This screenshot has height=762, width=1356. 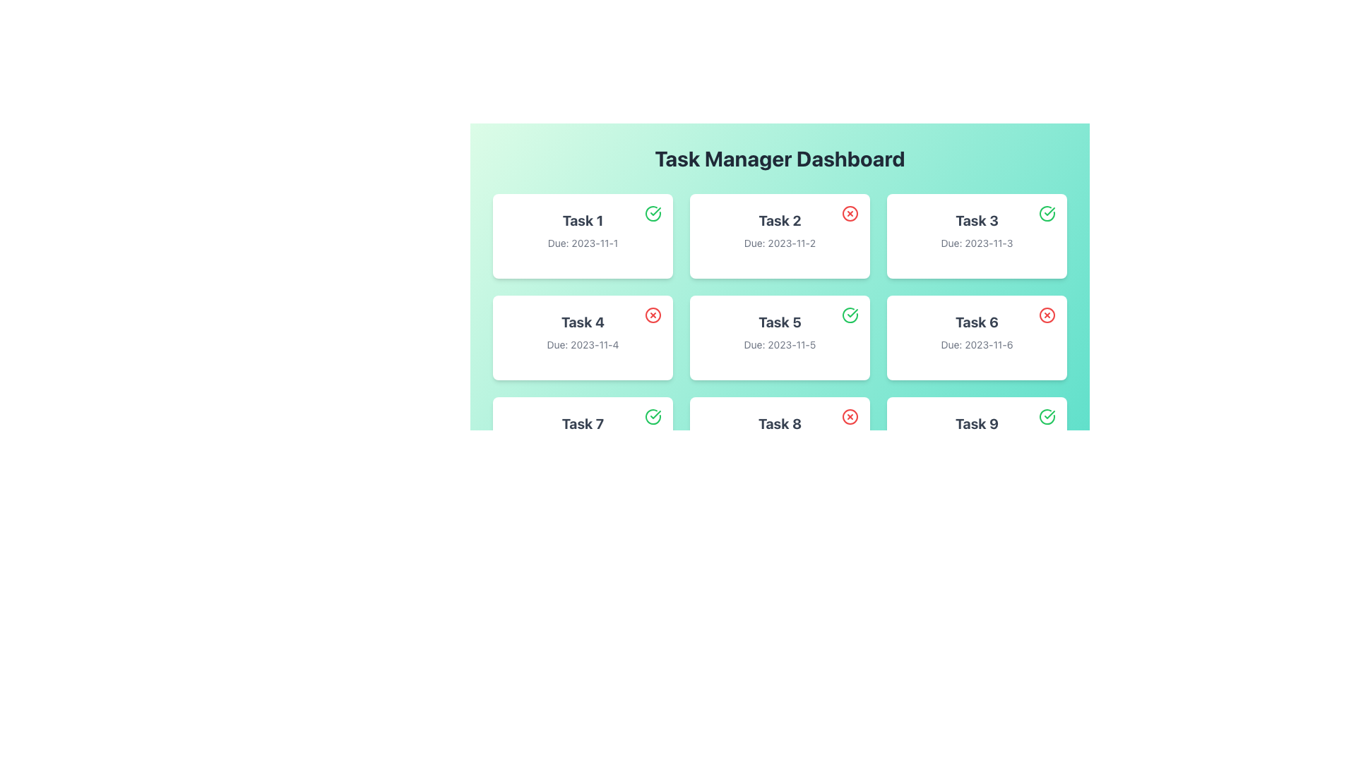 What do you see at coordinates (653, 315) in the screenshot?
I see `the red outlined circular SVG shape within the checkmark icon on the 'Task 4' card located at the top-right corner of the dashboard` at bounding box center [653, 315].